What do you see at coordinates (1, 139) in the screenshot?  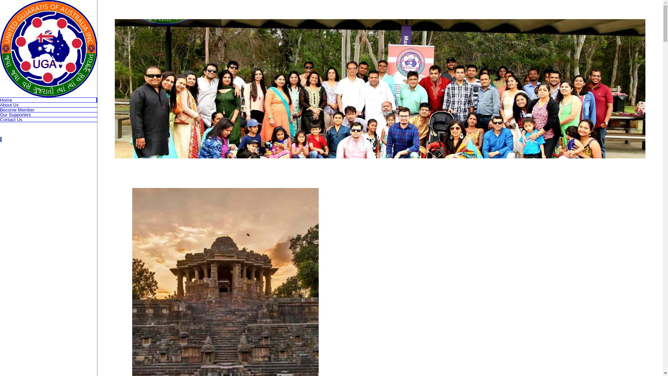 I see `'Facebook'` at bounding box center [1, 139].